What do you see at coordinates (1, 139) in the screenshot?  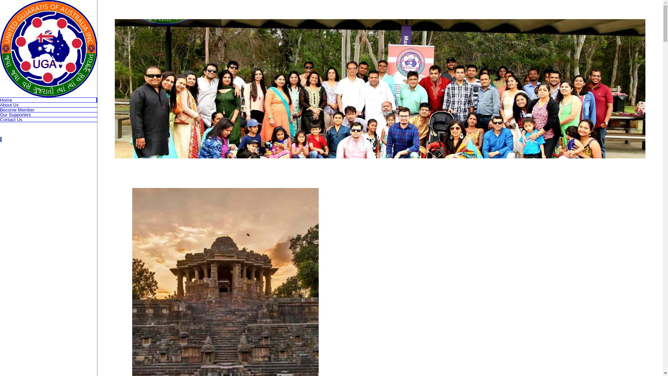 I see `'Facebook'` at bounding box center [1, 139].